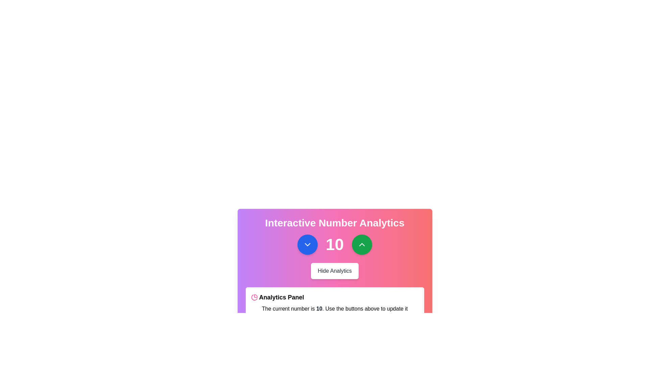 The image size is (649, 365). I want to click on the decrement button with an icon located to the left of the displayed number '10', so click(307, 245).